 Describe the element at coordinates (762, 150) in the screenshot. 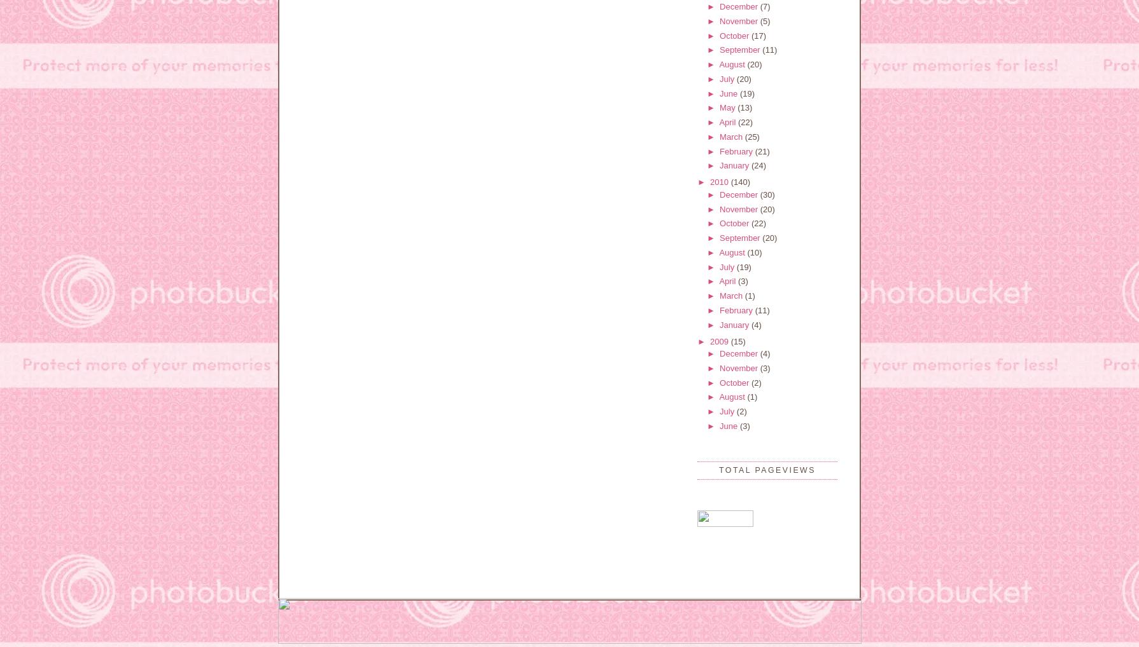

I see `'(21)'` at that location.